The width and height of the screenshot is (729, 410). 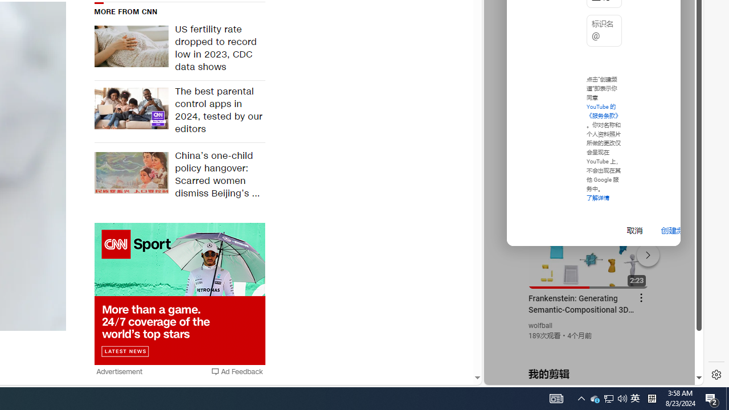 What do you see at coordinates (179, 294) in the screenshot?
I see `'AutomationID: aw0'` at bounding box center [179, 294].